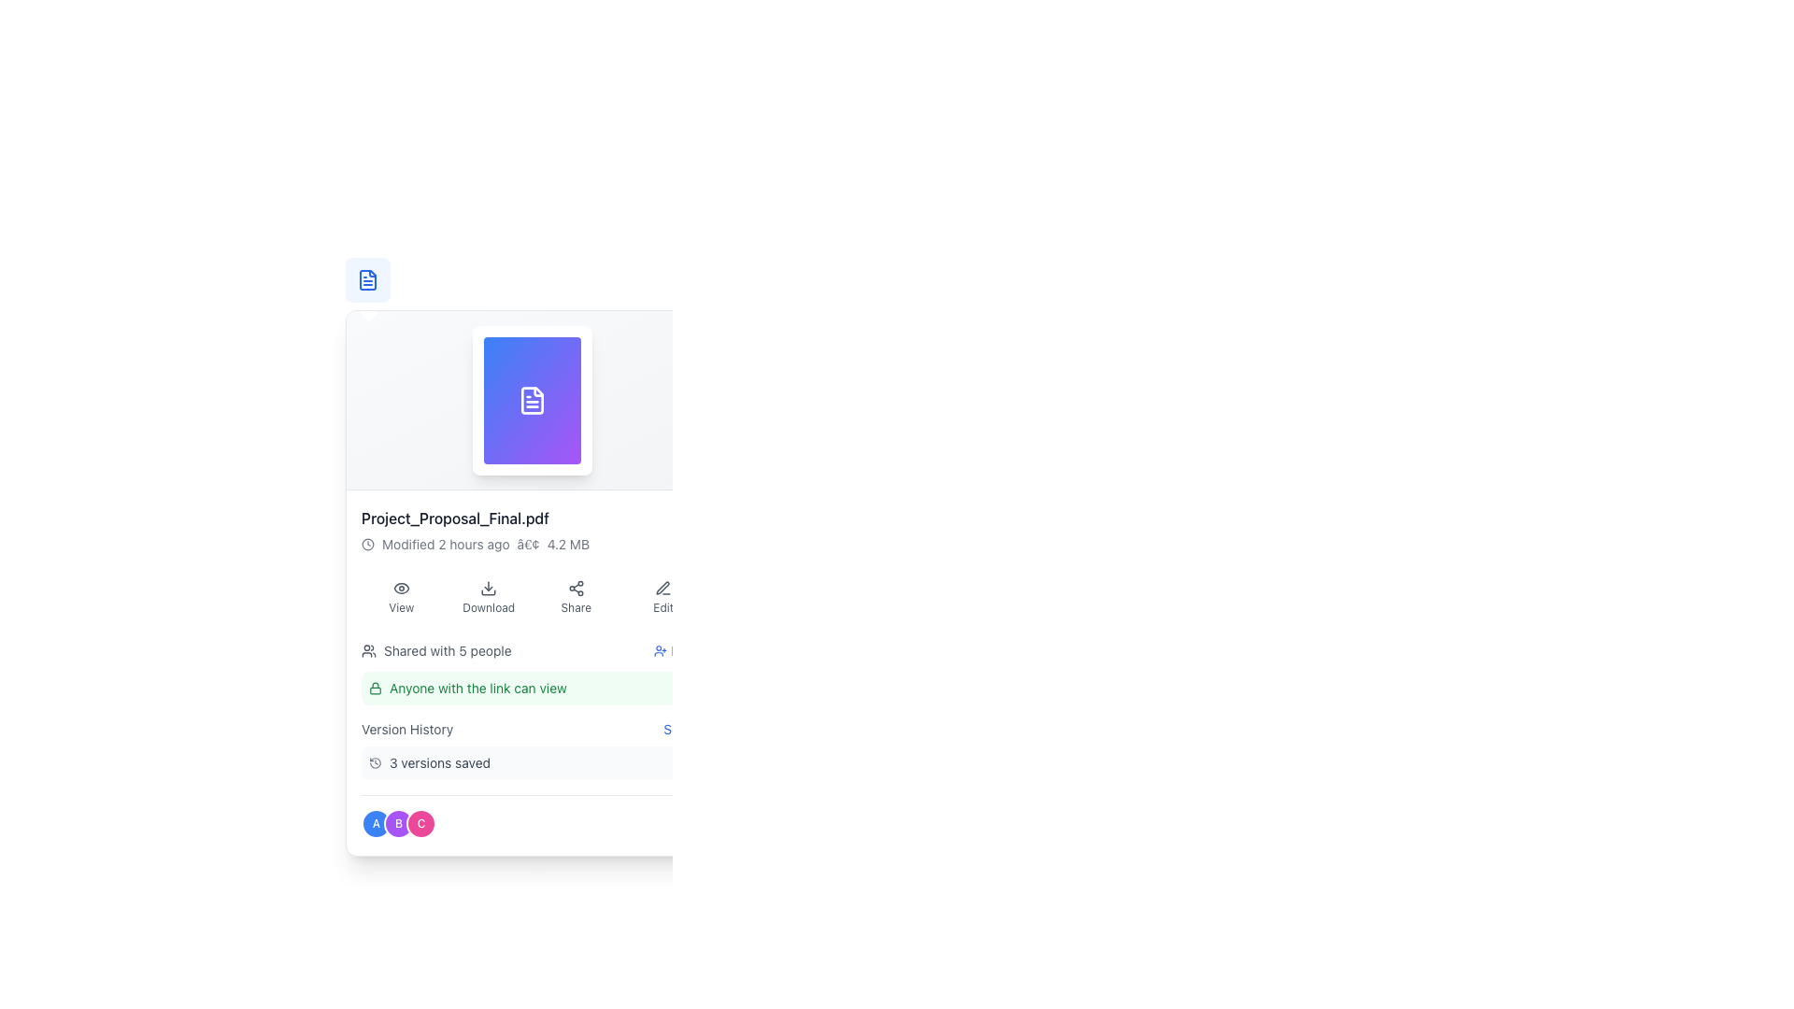  What do you see at coordinates (532, 519) in the screenshot?
I see `the text label displaying the filename 'Project_Proposal_Final.pdf' to rename it` at bounding box center [532, 519].